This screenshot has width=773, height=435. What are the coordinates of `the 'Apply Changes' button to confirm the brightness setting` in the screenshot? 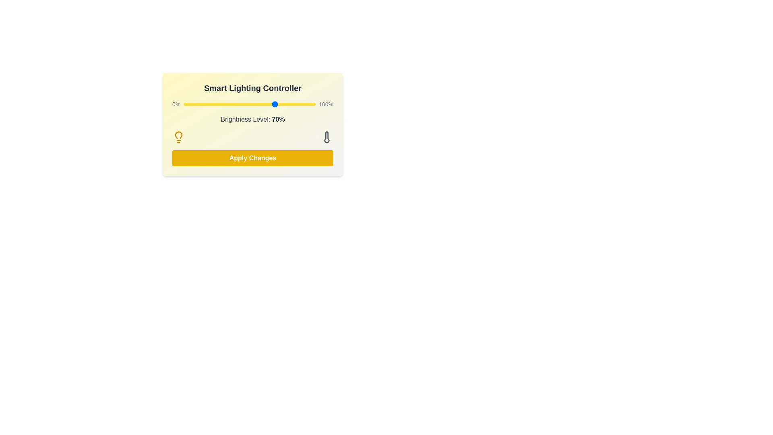 It's located at (252, 158).